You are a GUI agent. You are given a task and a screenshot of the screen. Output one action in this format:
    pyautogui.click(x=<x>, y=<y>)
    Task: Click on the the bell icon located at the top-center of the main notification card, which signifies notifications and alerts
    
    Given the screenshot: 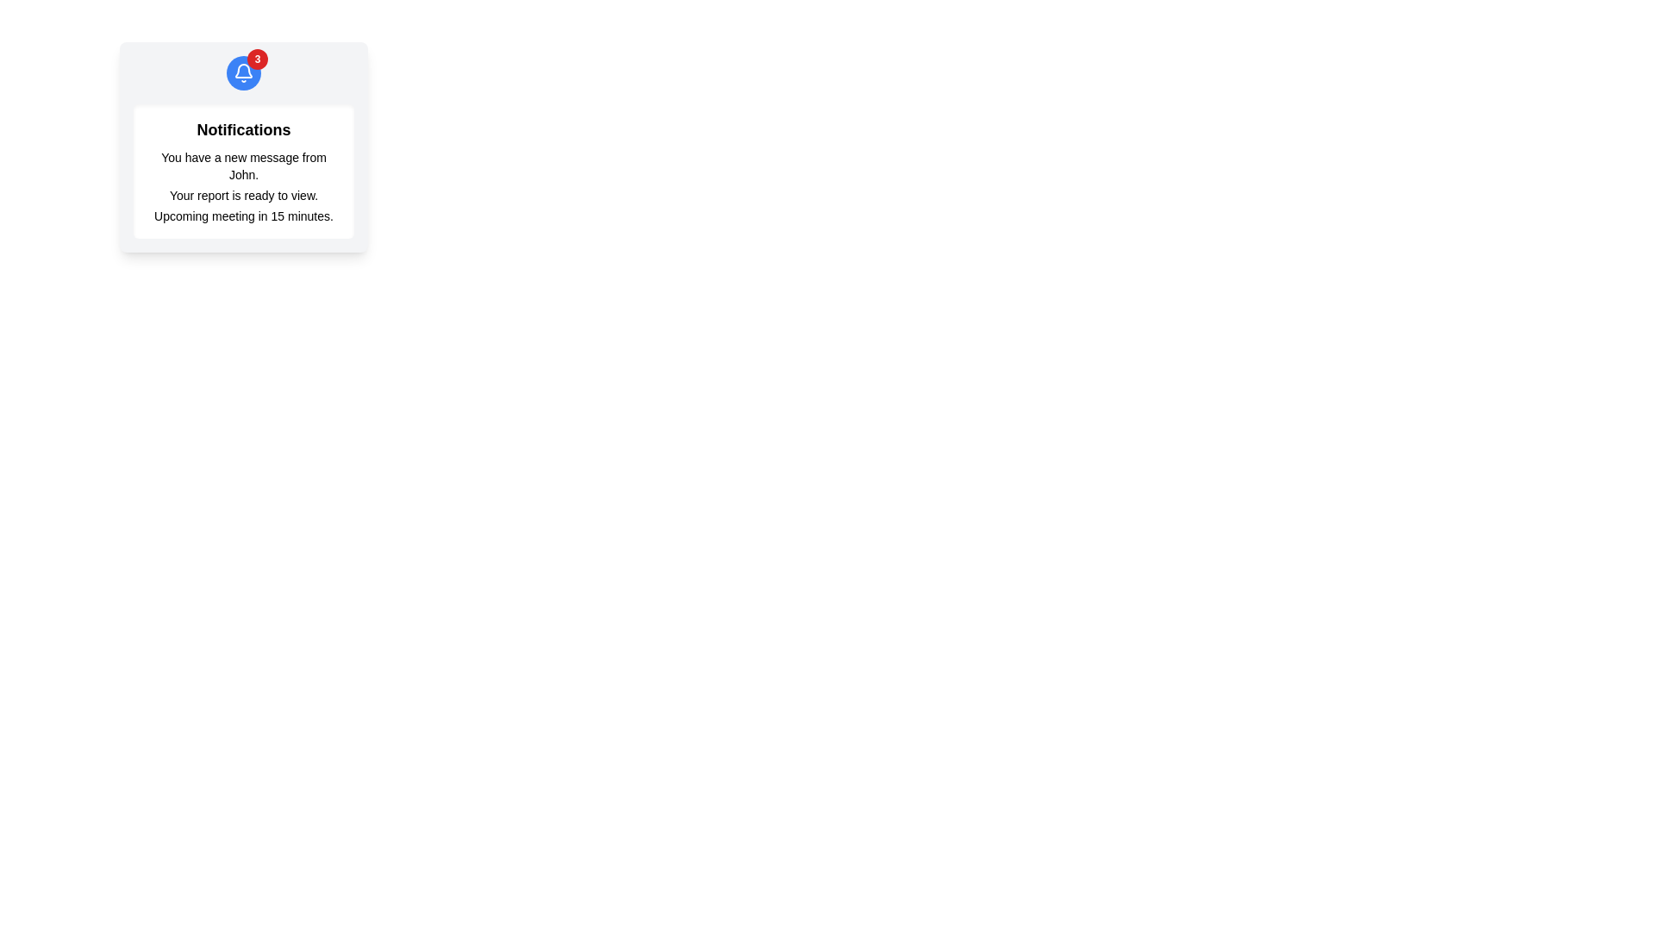 What is the action you would take?
    pyautogui.click(x=243, y=72)
    